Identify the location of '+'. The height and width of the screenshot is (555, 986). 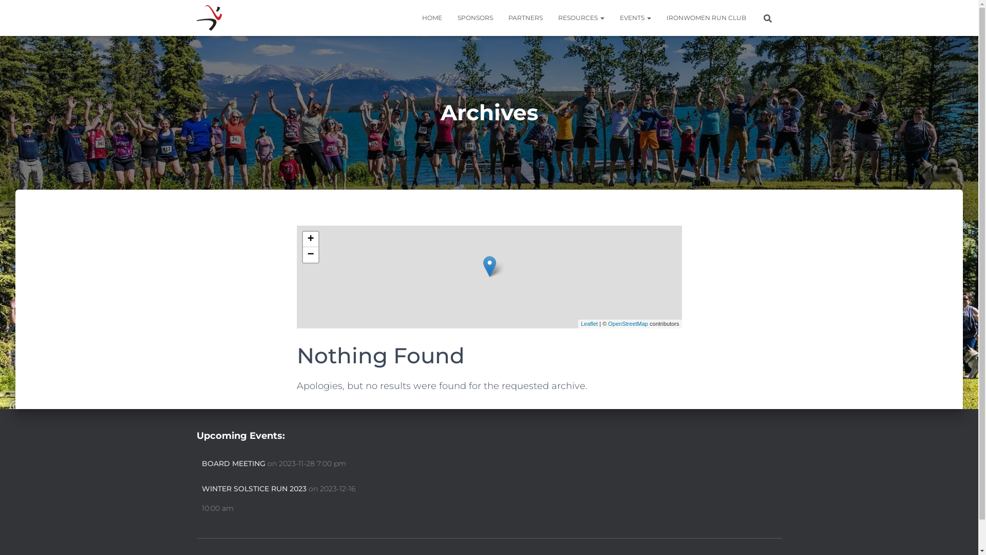
(310, 239).